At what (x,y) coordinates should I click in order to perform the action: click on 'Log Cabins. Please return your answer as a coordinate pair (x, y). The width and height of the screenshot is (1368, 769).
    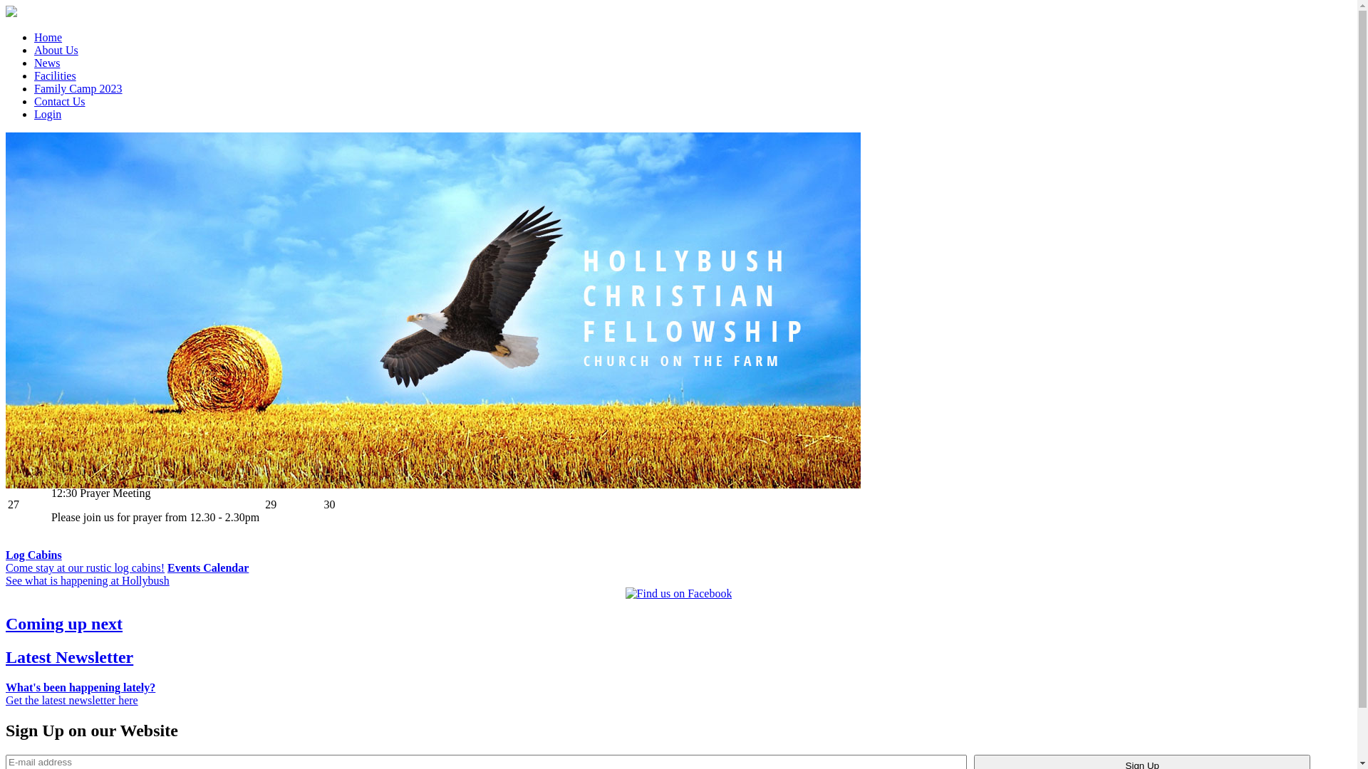
    Looking at the image, I should click on (84, 560).